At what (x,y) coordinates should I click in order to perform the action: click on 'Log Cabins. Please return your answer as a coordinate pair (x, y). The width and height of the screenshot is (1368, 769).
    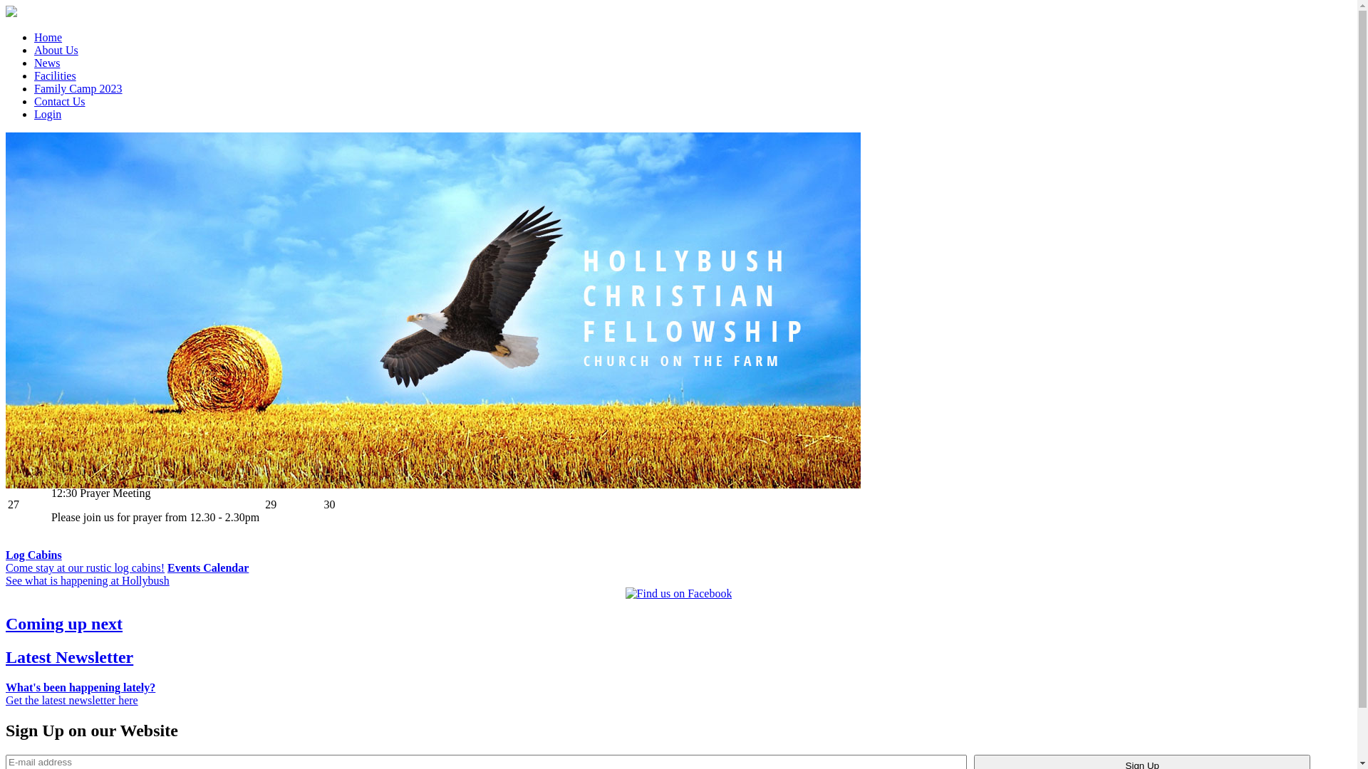
    Looking at the image, I should click on (84, 560).